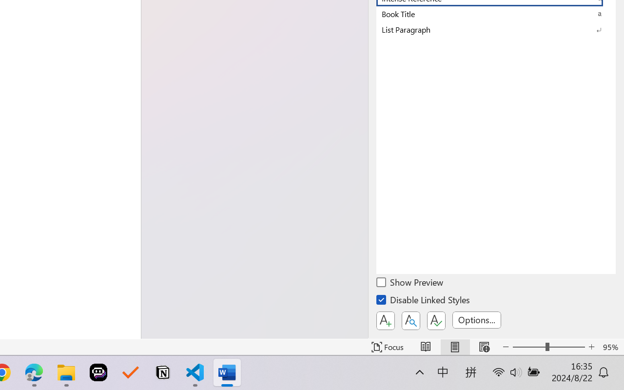 This screenshot has width=624, height=390. Describe the element at coordinates (496, 29) in the screenshot. I see `'List Paragraph'` at that location.